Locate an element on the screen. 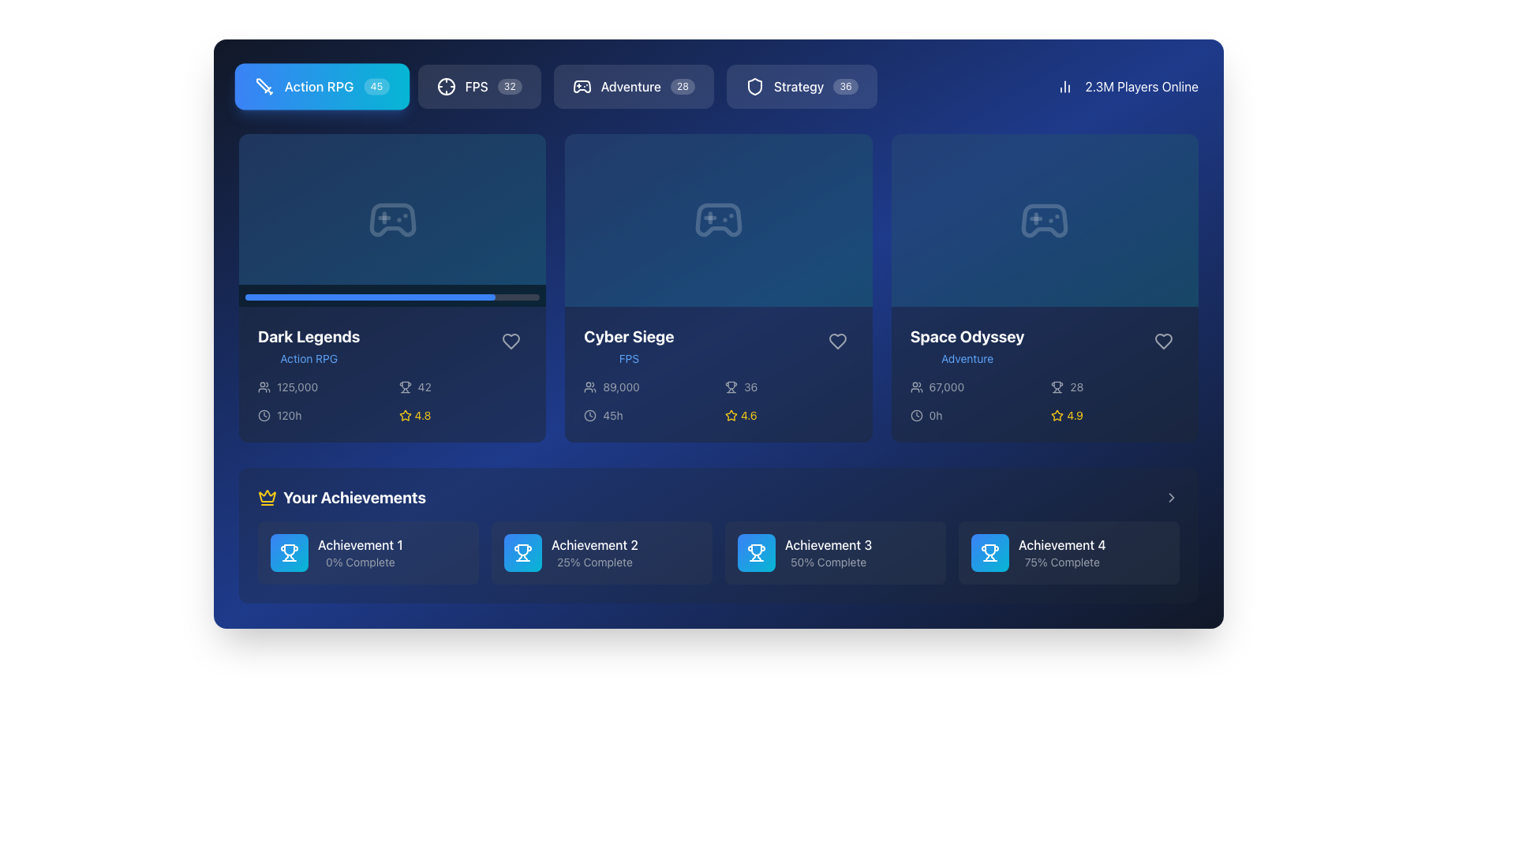  badge indicating a numerical count associated with the 'Strategy' category, located to the right of the 'Strategy' label in the top navigation bar is located at coordinates (845, 87).